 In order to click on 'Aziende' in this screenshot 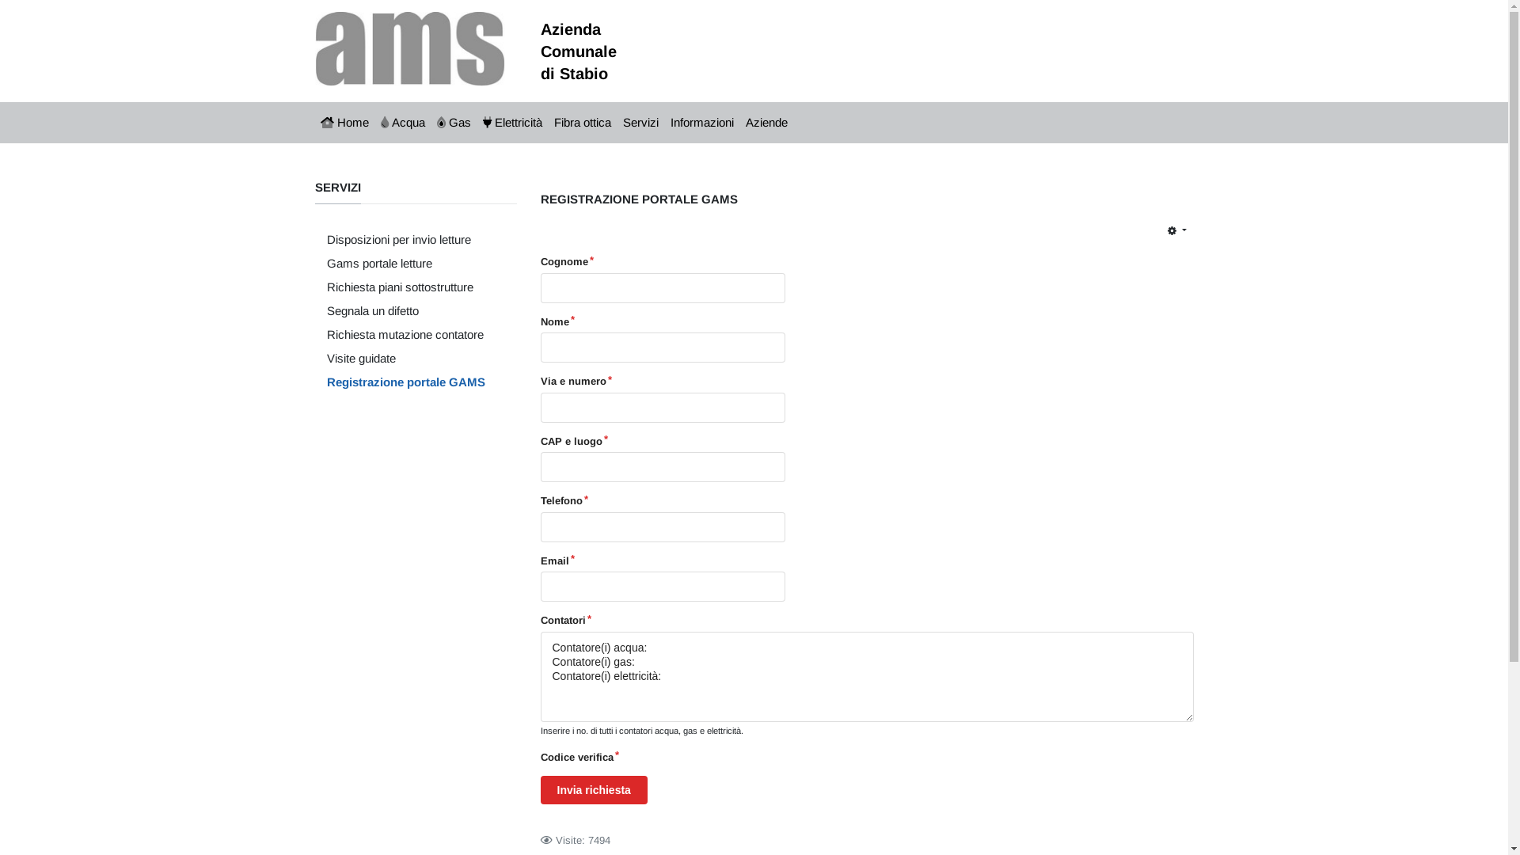, I will do `click(766, 121)`.